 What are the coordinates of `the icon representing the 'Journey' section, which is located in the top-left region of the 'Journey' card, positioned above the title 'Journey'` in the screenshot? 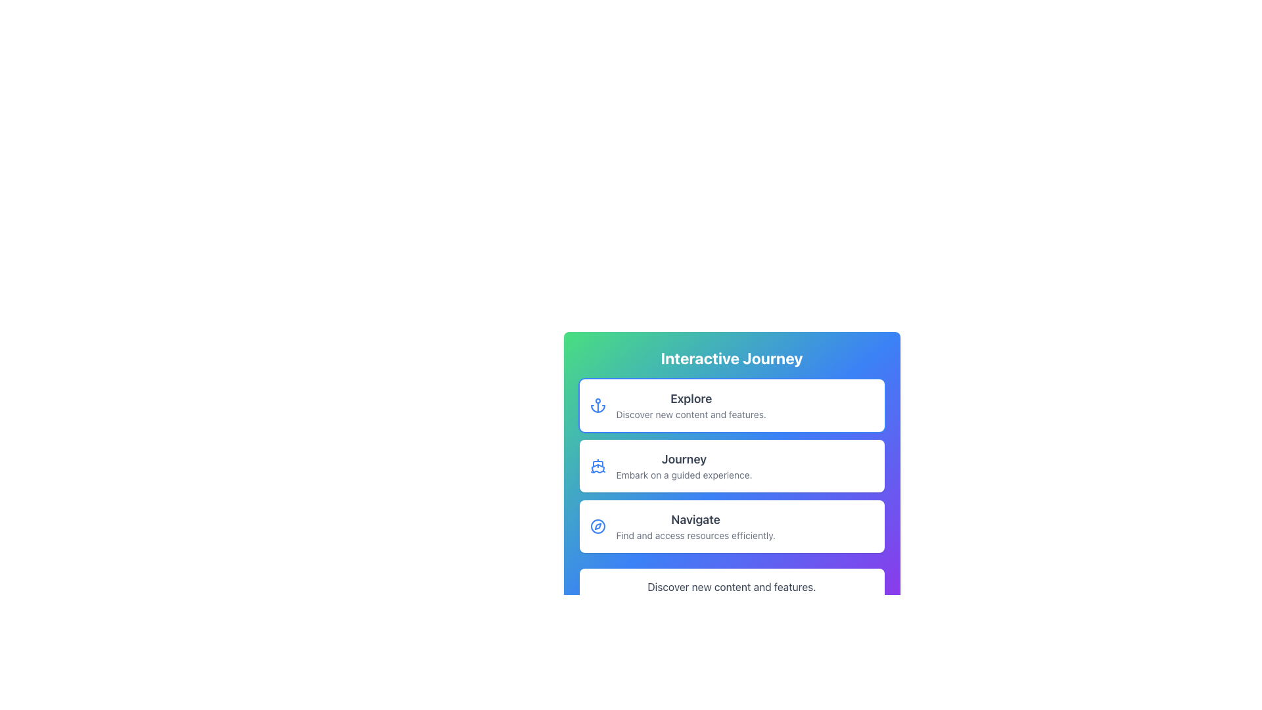 It's located at (597, 465).